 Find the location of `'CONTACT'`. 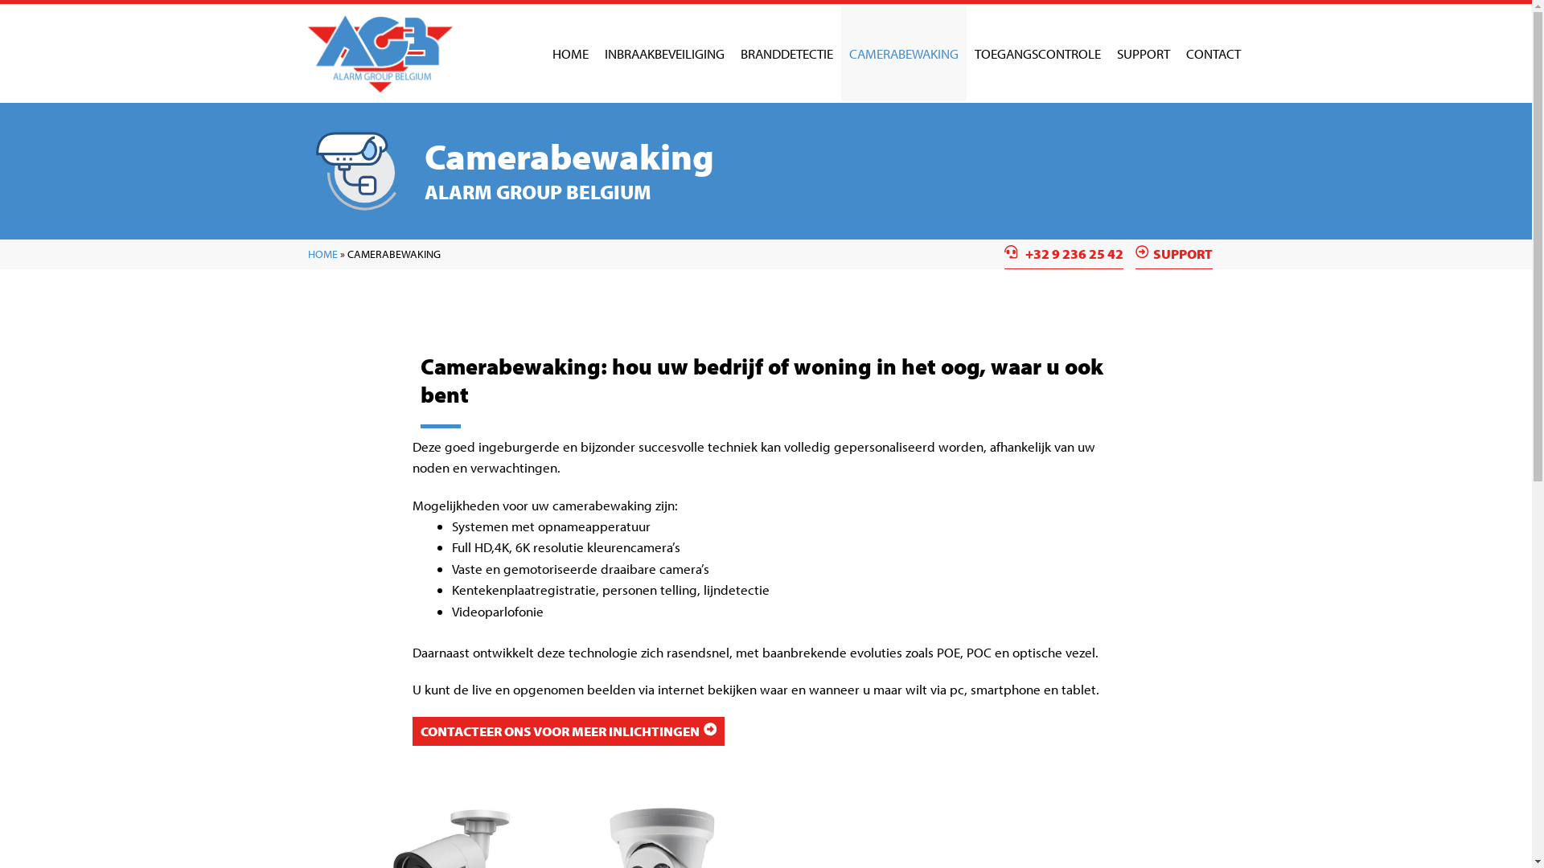

'CONTACT' is located at coordinates (1212, 52).